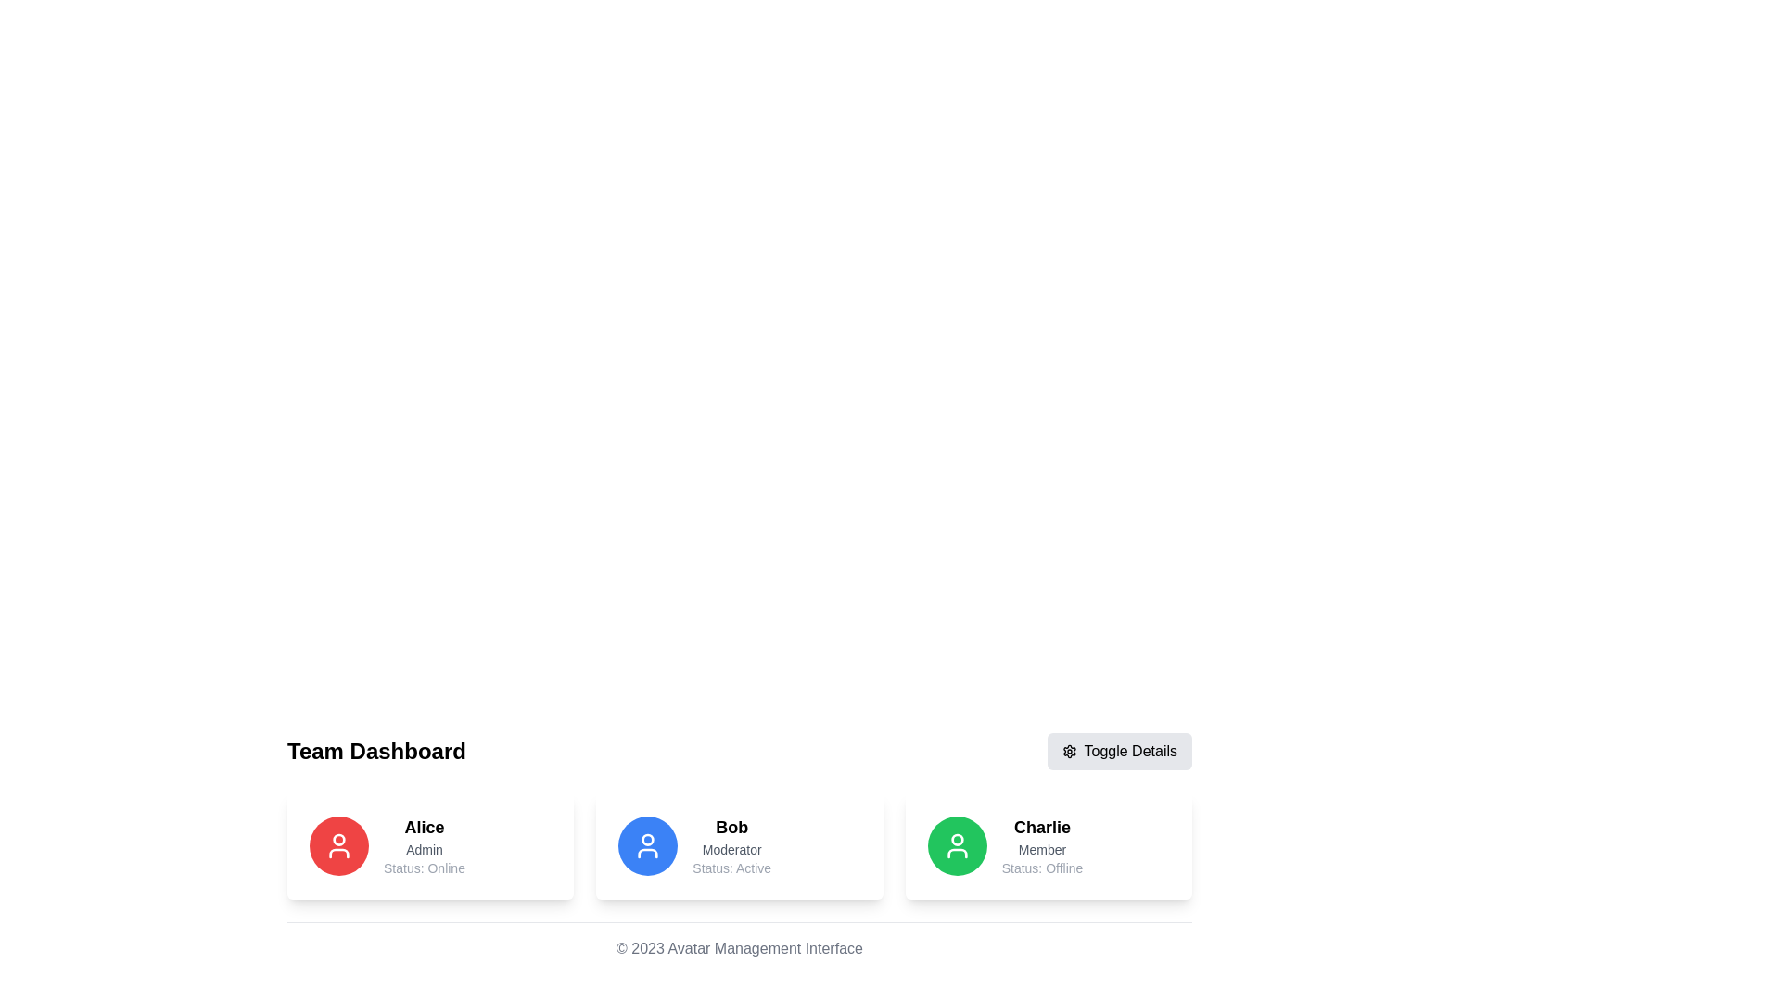 Image resolution: width=1780 pixels, height=1001 pixels. What do you see at coordinates (429, 846) in the screenshot?
I see `the displayed information on the user information card located at the top-left corner of the grid` at bounding box center [429, 846].